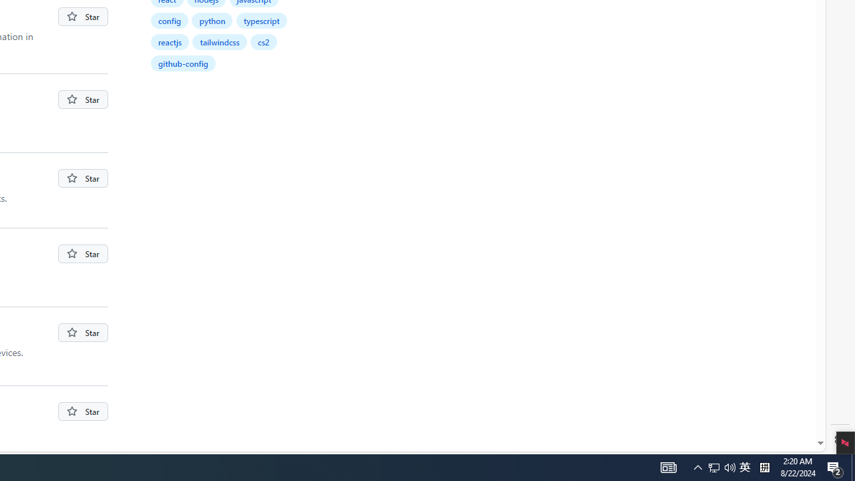 The height and width of the screenshot is (481, 855). Describe the element at coordinates (220, 41) in the screenshot. I see `'tailwindcss'` at that location.